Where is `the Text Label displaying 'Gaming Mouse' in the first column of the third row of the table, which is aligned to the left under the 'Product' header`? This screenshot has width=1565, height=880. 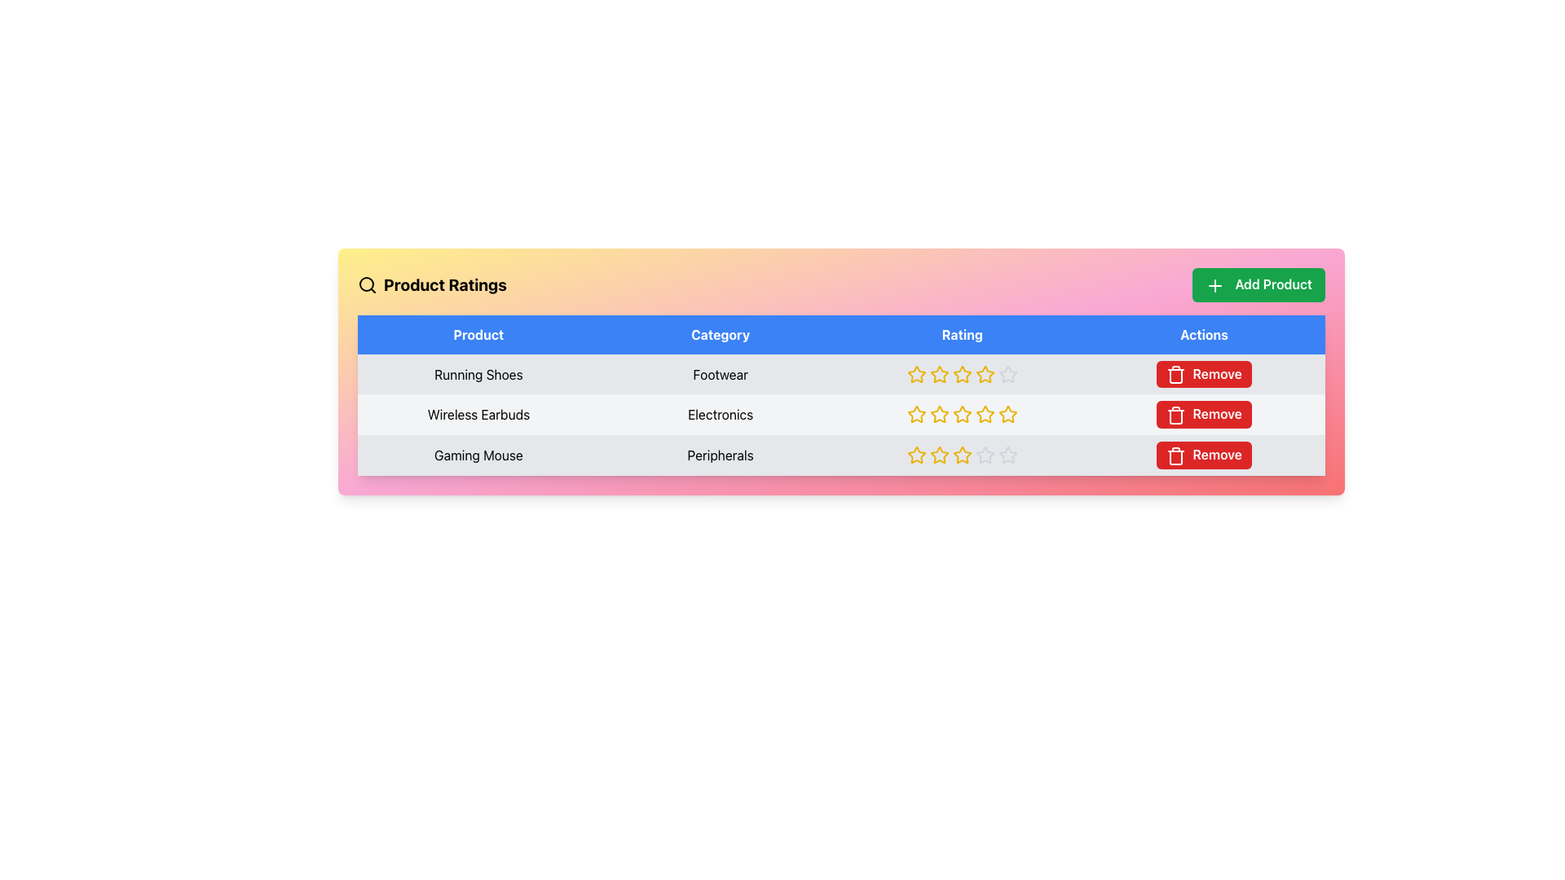
the Text Label displaying 'Gaming Mouse' in the first column of the third row of the table, which is aligned to the left under the 'Product' header is located at coordinates (478, 455).